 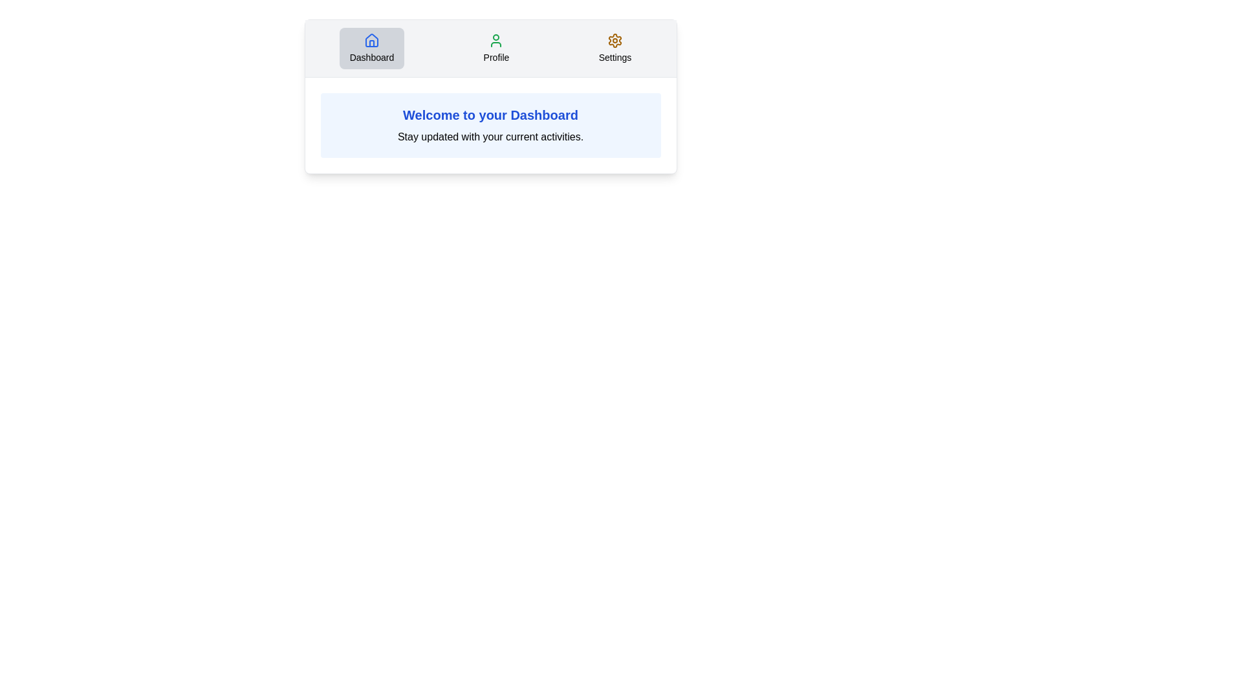 What do you see at coordinates (496, 47) in the screenshot?
I see `the Profile tab to observe its hover effect` at bounding box center [496, 47].